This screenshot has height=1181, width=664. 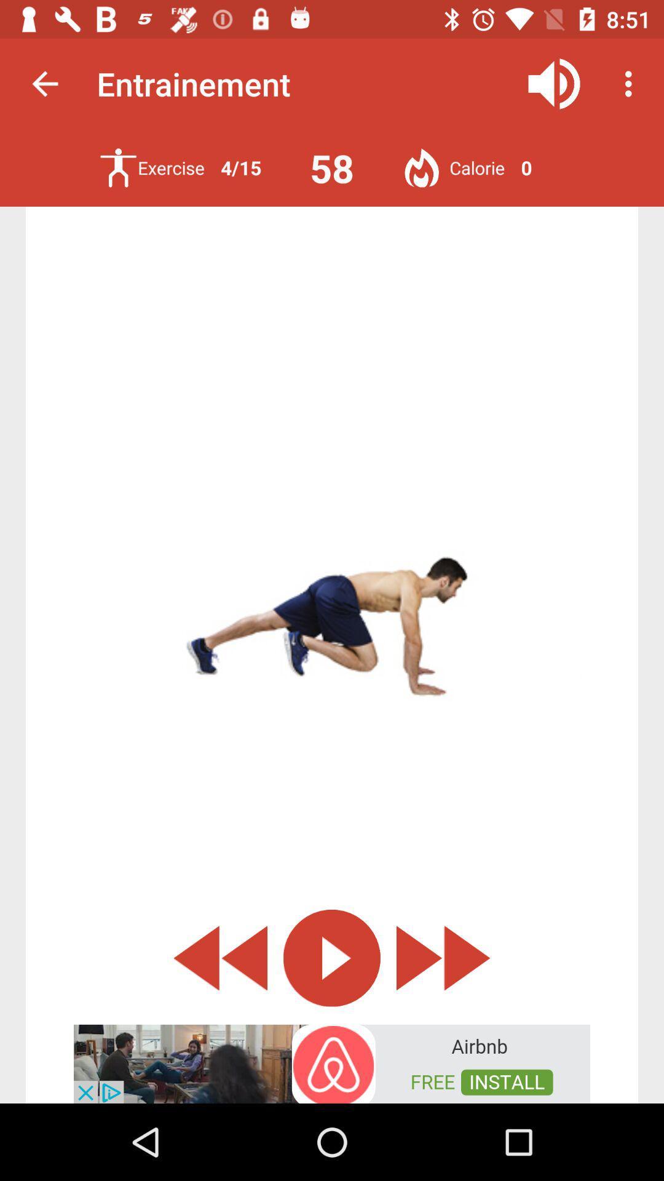 What do you see at coordinates (332, 957) in the screenshot?
I see `option` at bounding box center [332, 957].